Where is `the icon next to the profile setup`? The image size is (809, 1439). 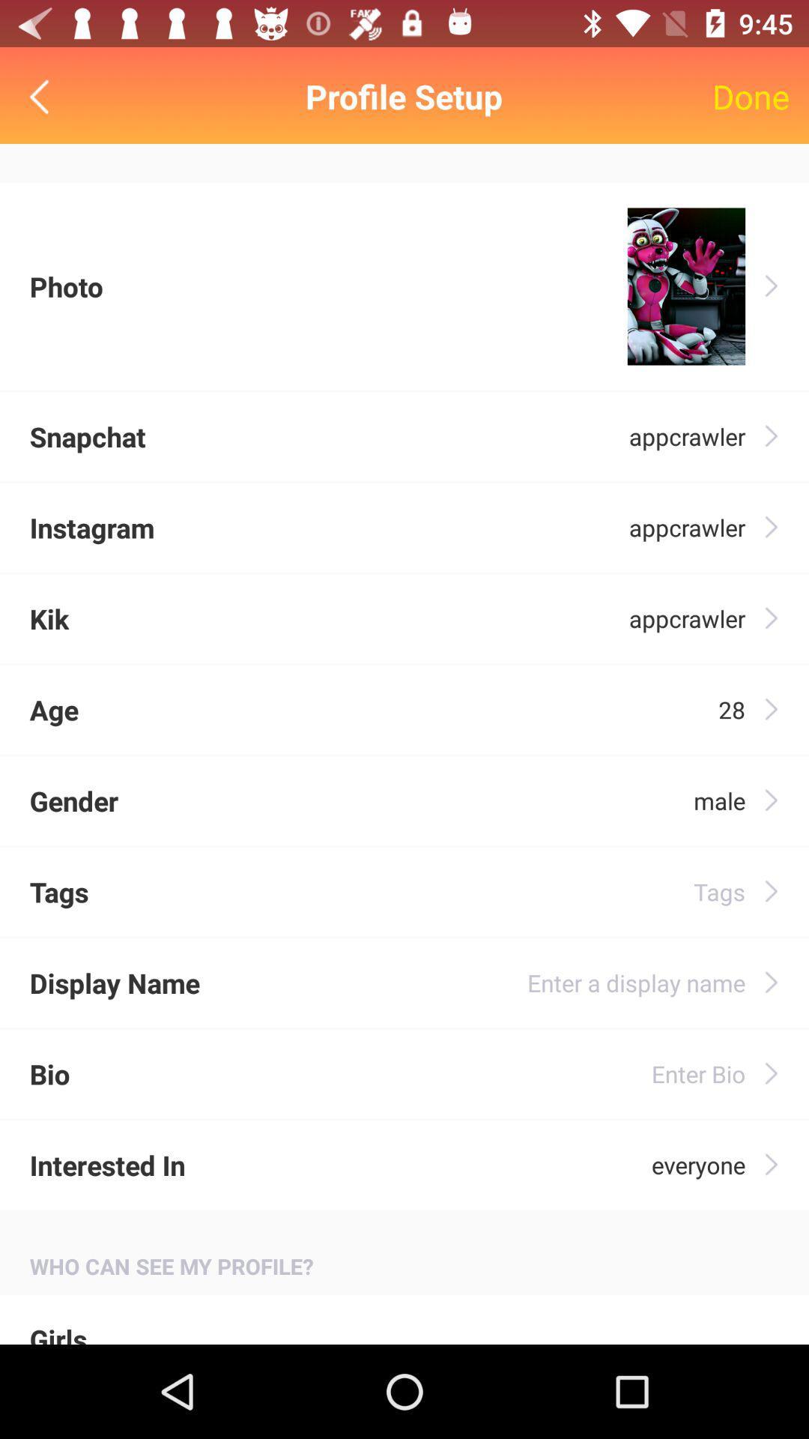 the icon next to the profile setup is located at coordinates (751, 96).